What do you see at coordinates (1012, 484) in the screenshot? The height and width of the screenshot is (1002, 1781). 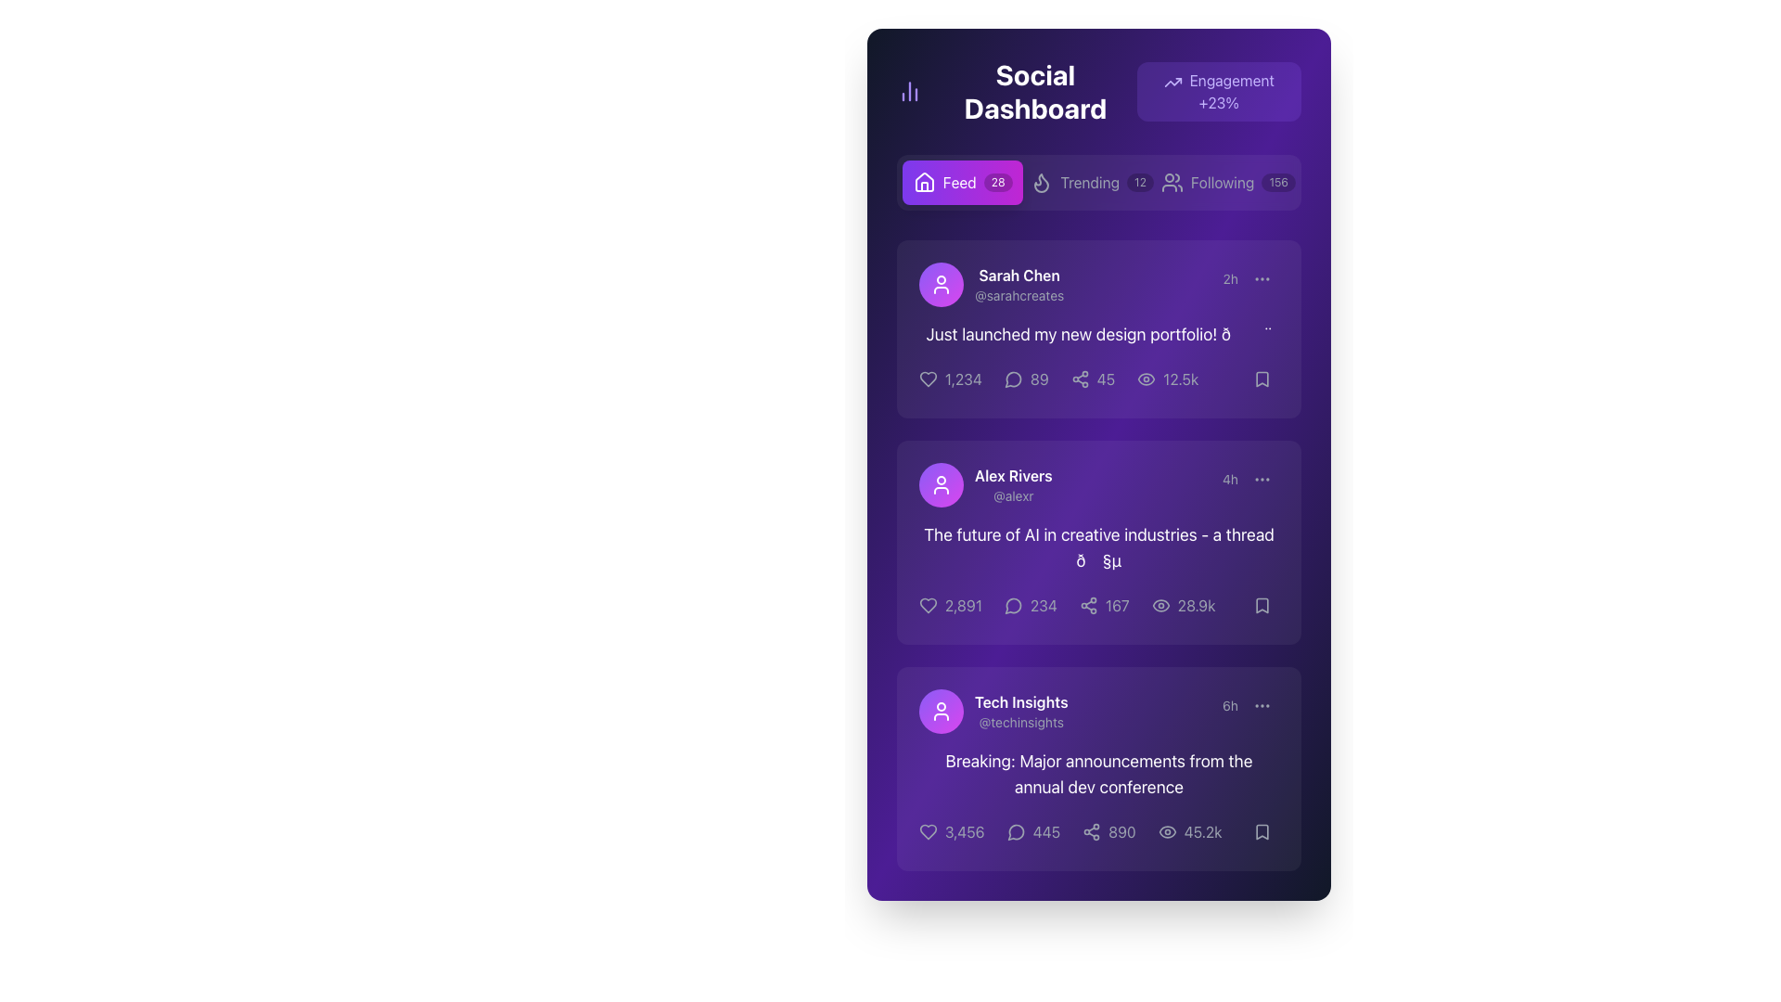 I see `the text display component showing the name 'Alex Rivers' and username '@alexr' on a purple background, which is the second user card in the list` at bounding box center [1012, 484].